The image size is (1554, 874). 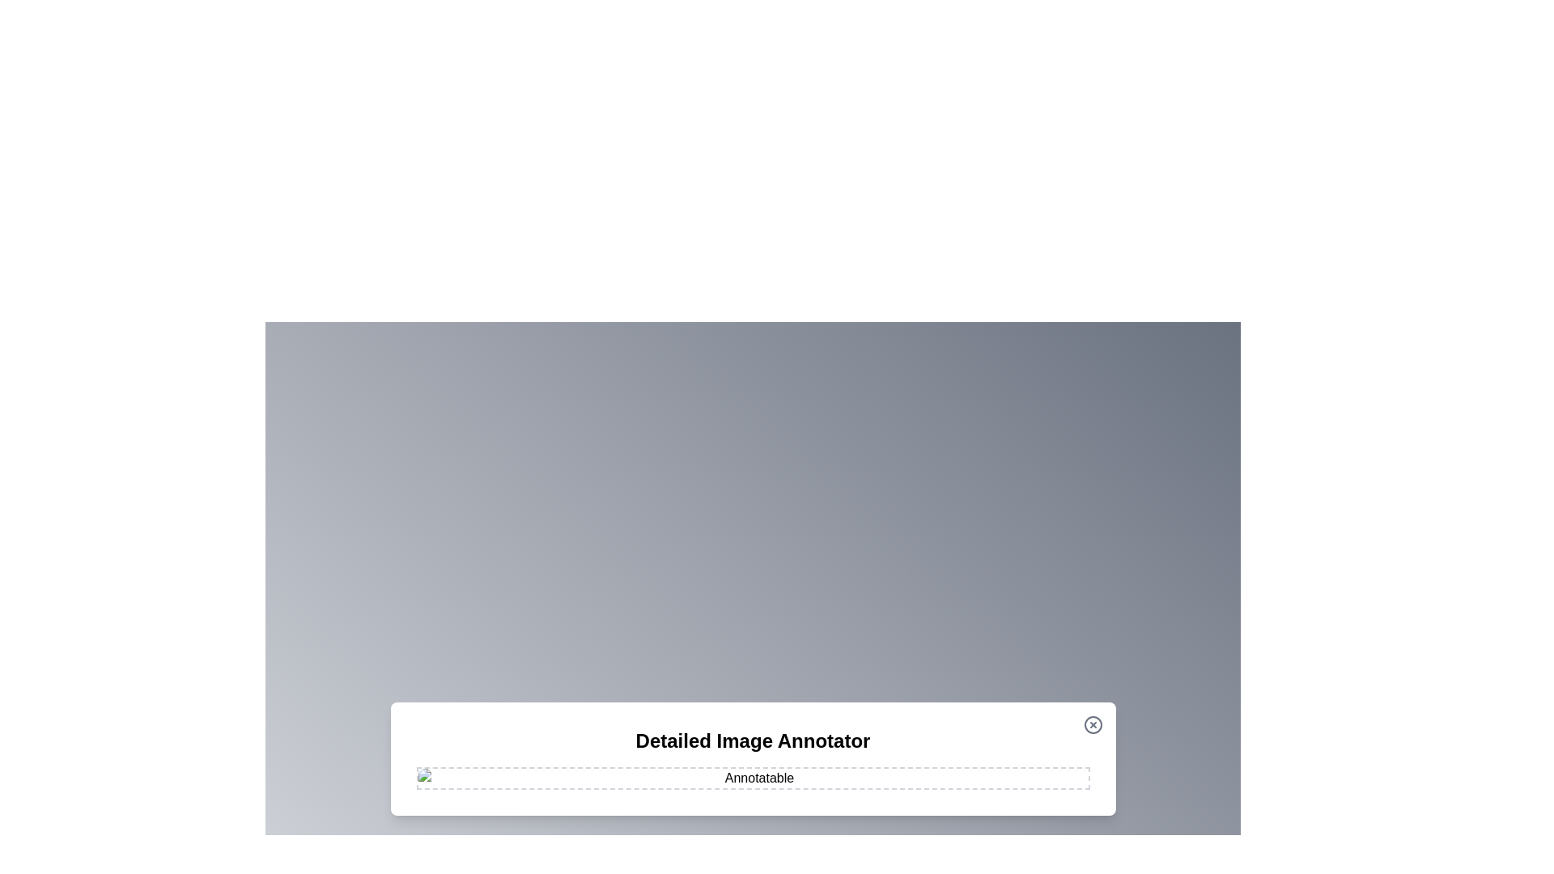 I want to click on the image at coordinates (1147, 950) to add an annotation, so click(x=928, y=767).